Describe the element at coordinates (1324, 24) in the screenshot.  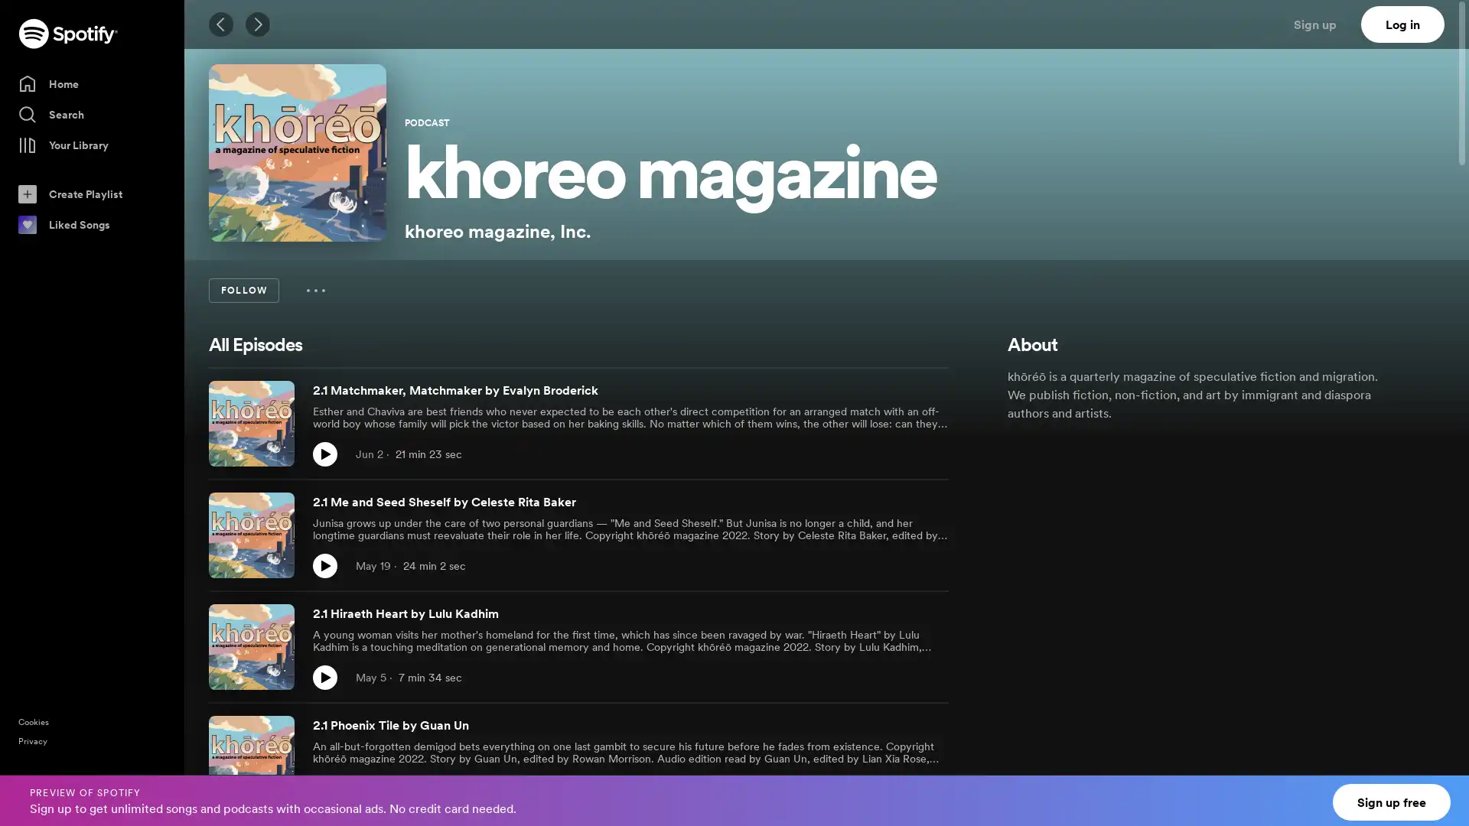
I see `Sign up` at that location.